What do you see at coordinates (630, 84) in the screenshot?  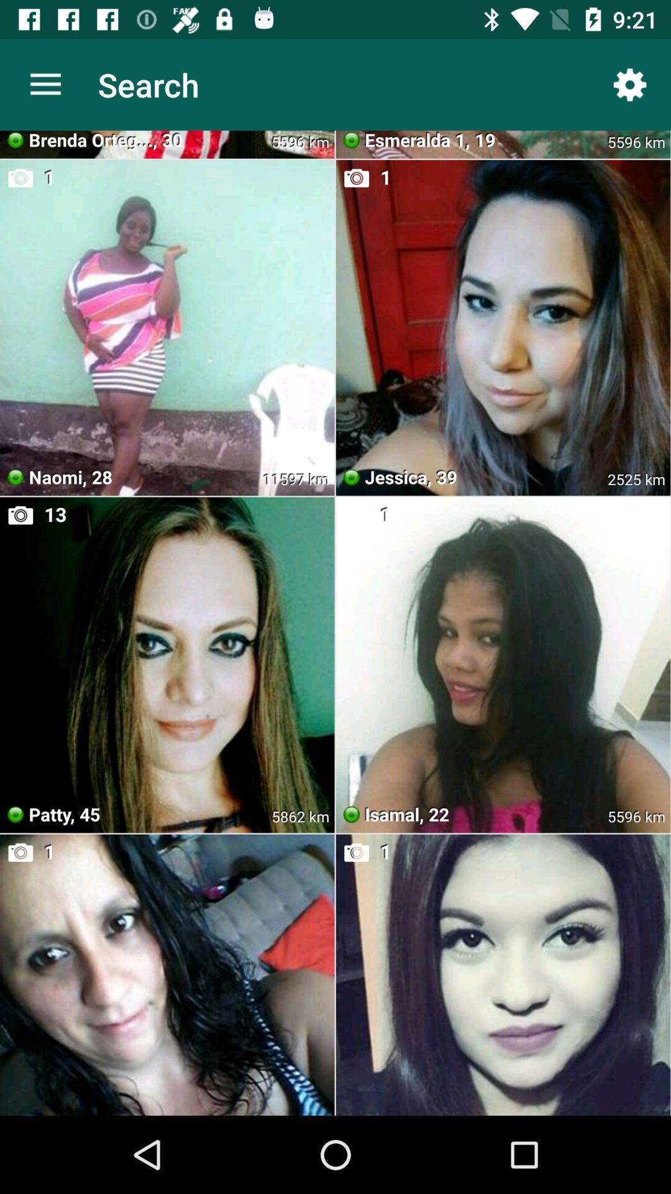 I see `the app next to search` at bounding box center [630, 84].